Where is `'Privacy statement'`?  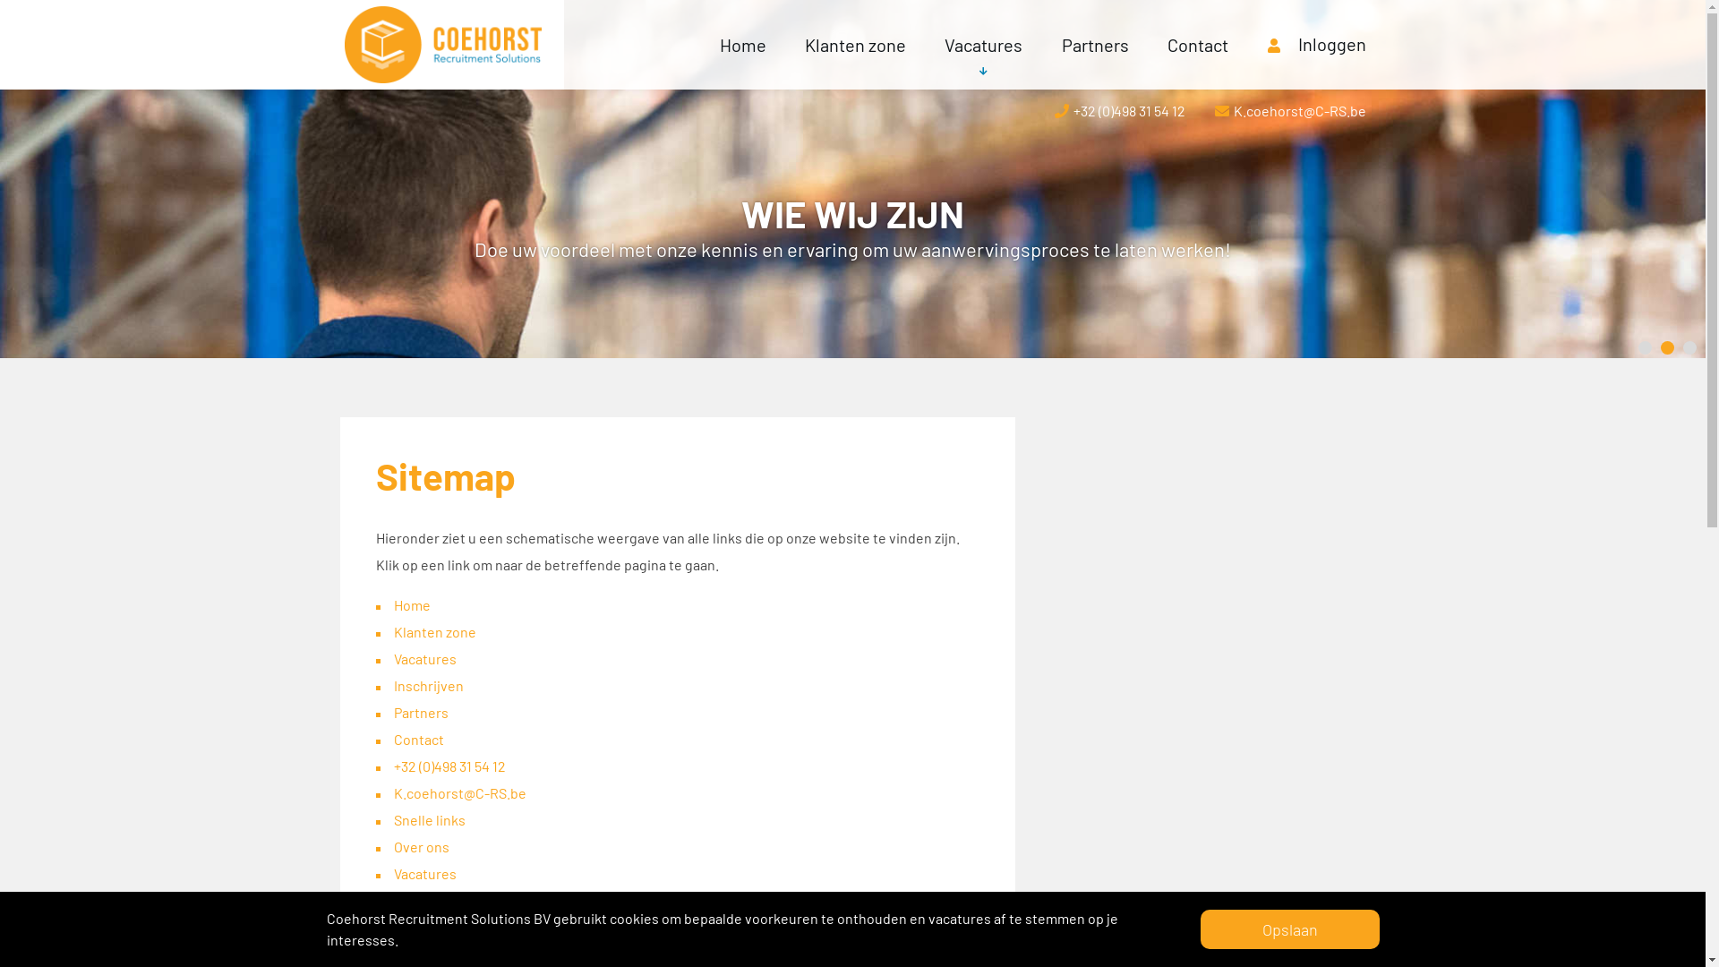
'Privacy statement' is located at coordinates (450, 953).